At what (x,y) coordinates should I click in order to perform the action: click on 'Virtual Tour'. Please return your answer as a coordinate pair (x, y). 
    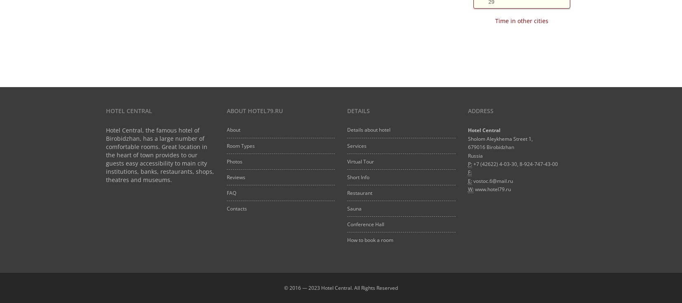
    Looking at the image, I should click on (360, 161).